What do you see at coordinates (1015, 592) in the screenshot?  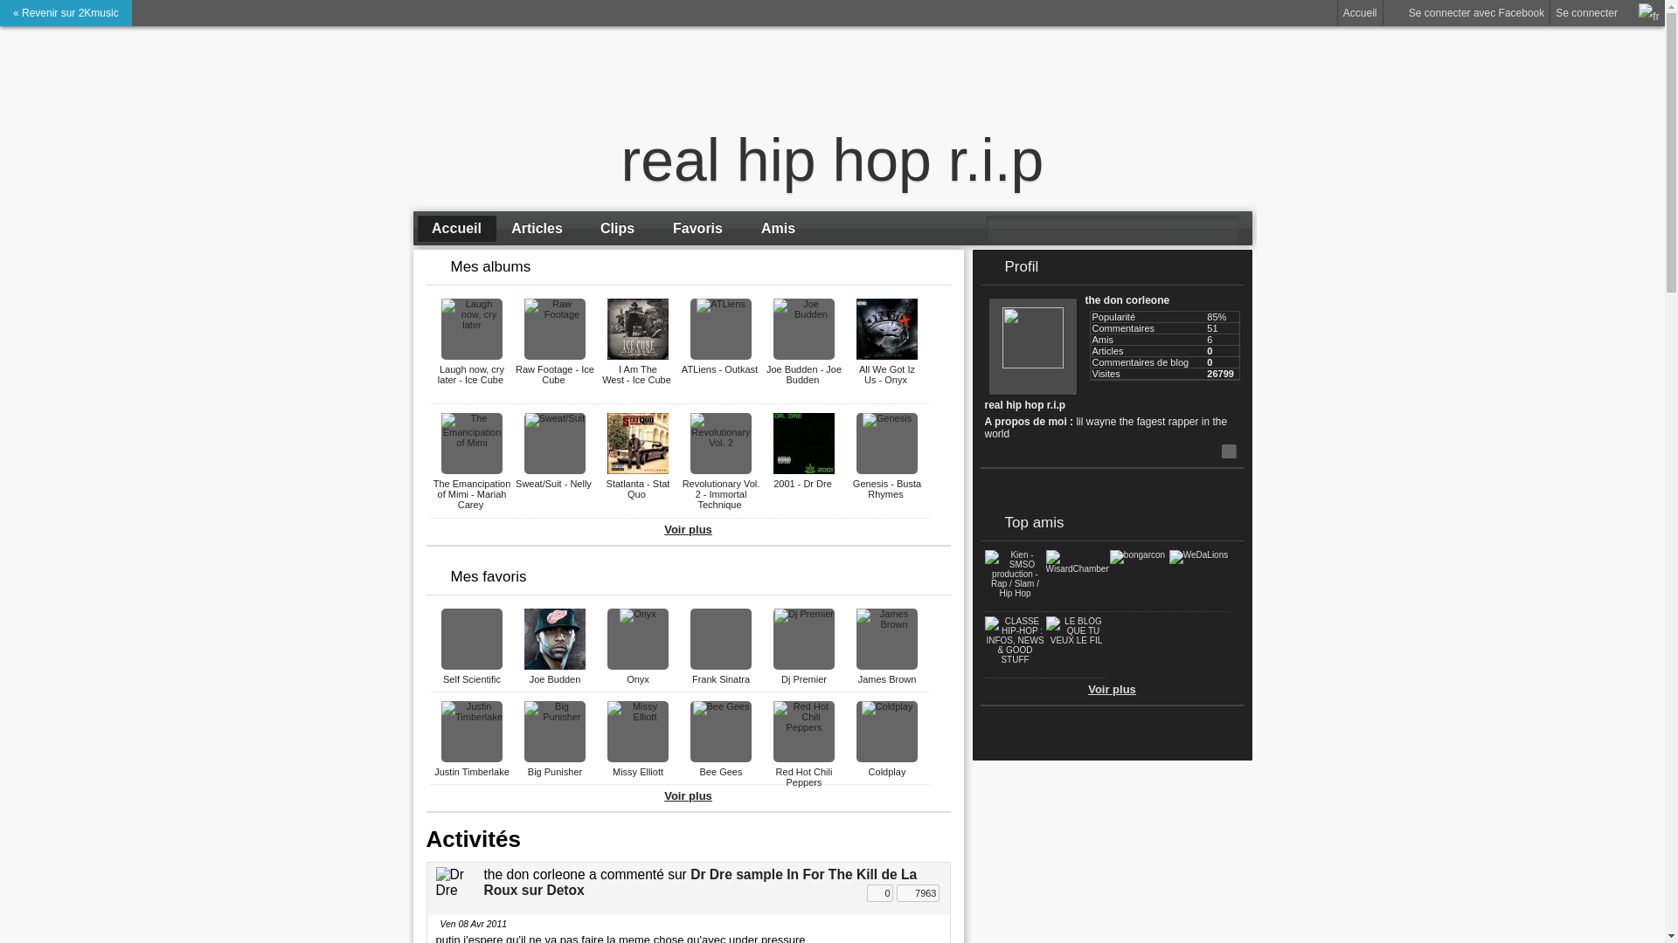 I see `'Kien - SMSO production - Rap / Slam / Hip Hop'` at bounding box center [1015, 592].